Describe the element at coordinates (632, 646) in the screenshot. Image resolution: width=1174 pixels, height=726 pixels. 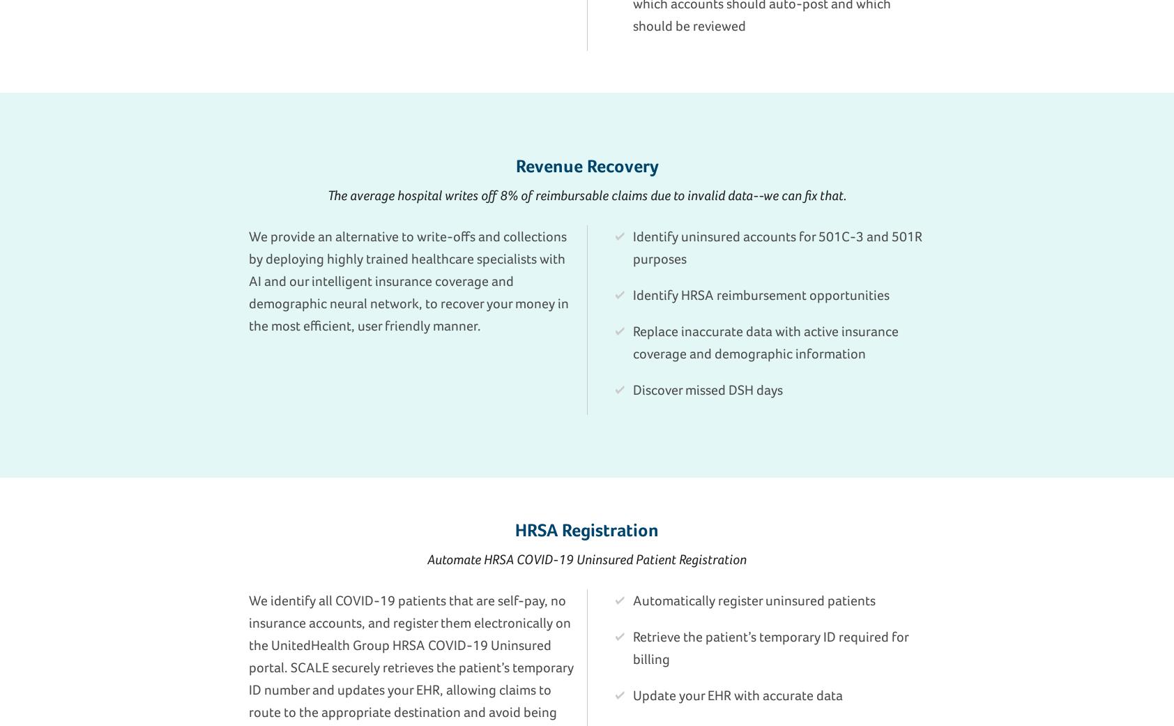
I see `'Retrieve the patient’s temporary ID required for billing'` at that location.